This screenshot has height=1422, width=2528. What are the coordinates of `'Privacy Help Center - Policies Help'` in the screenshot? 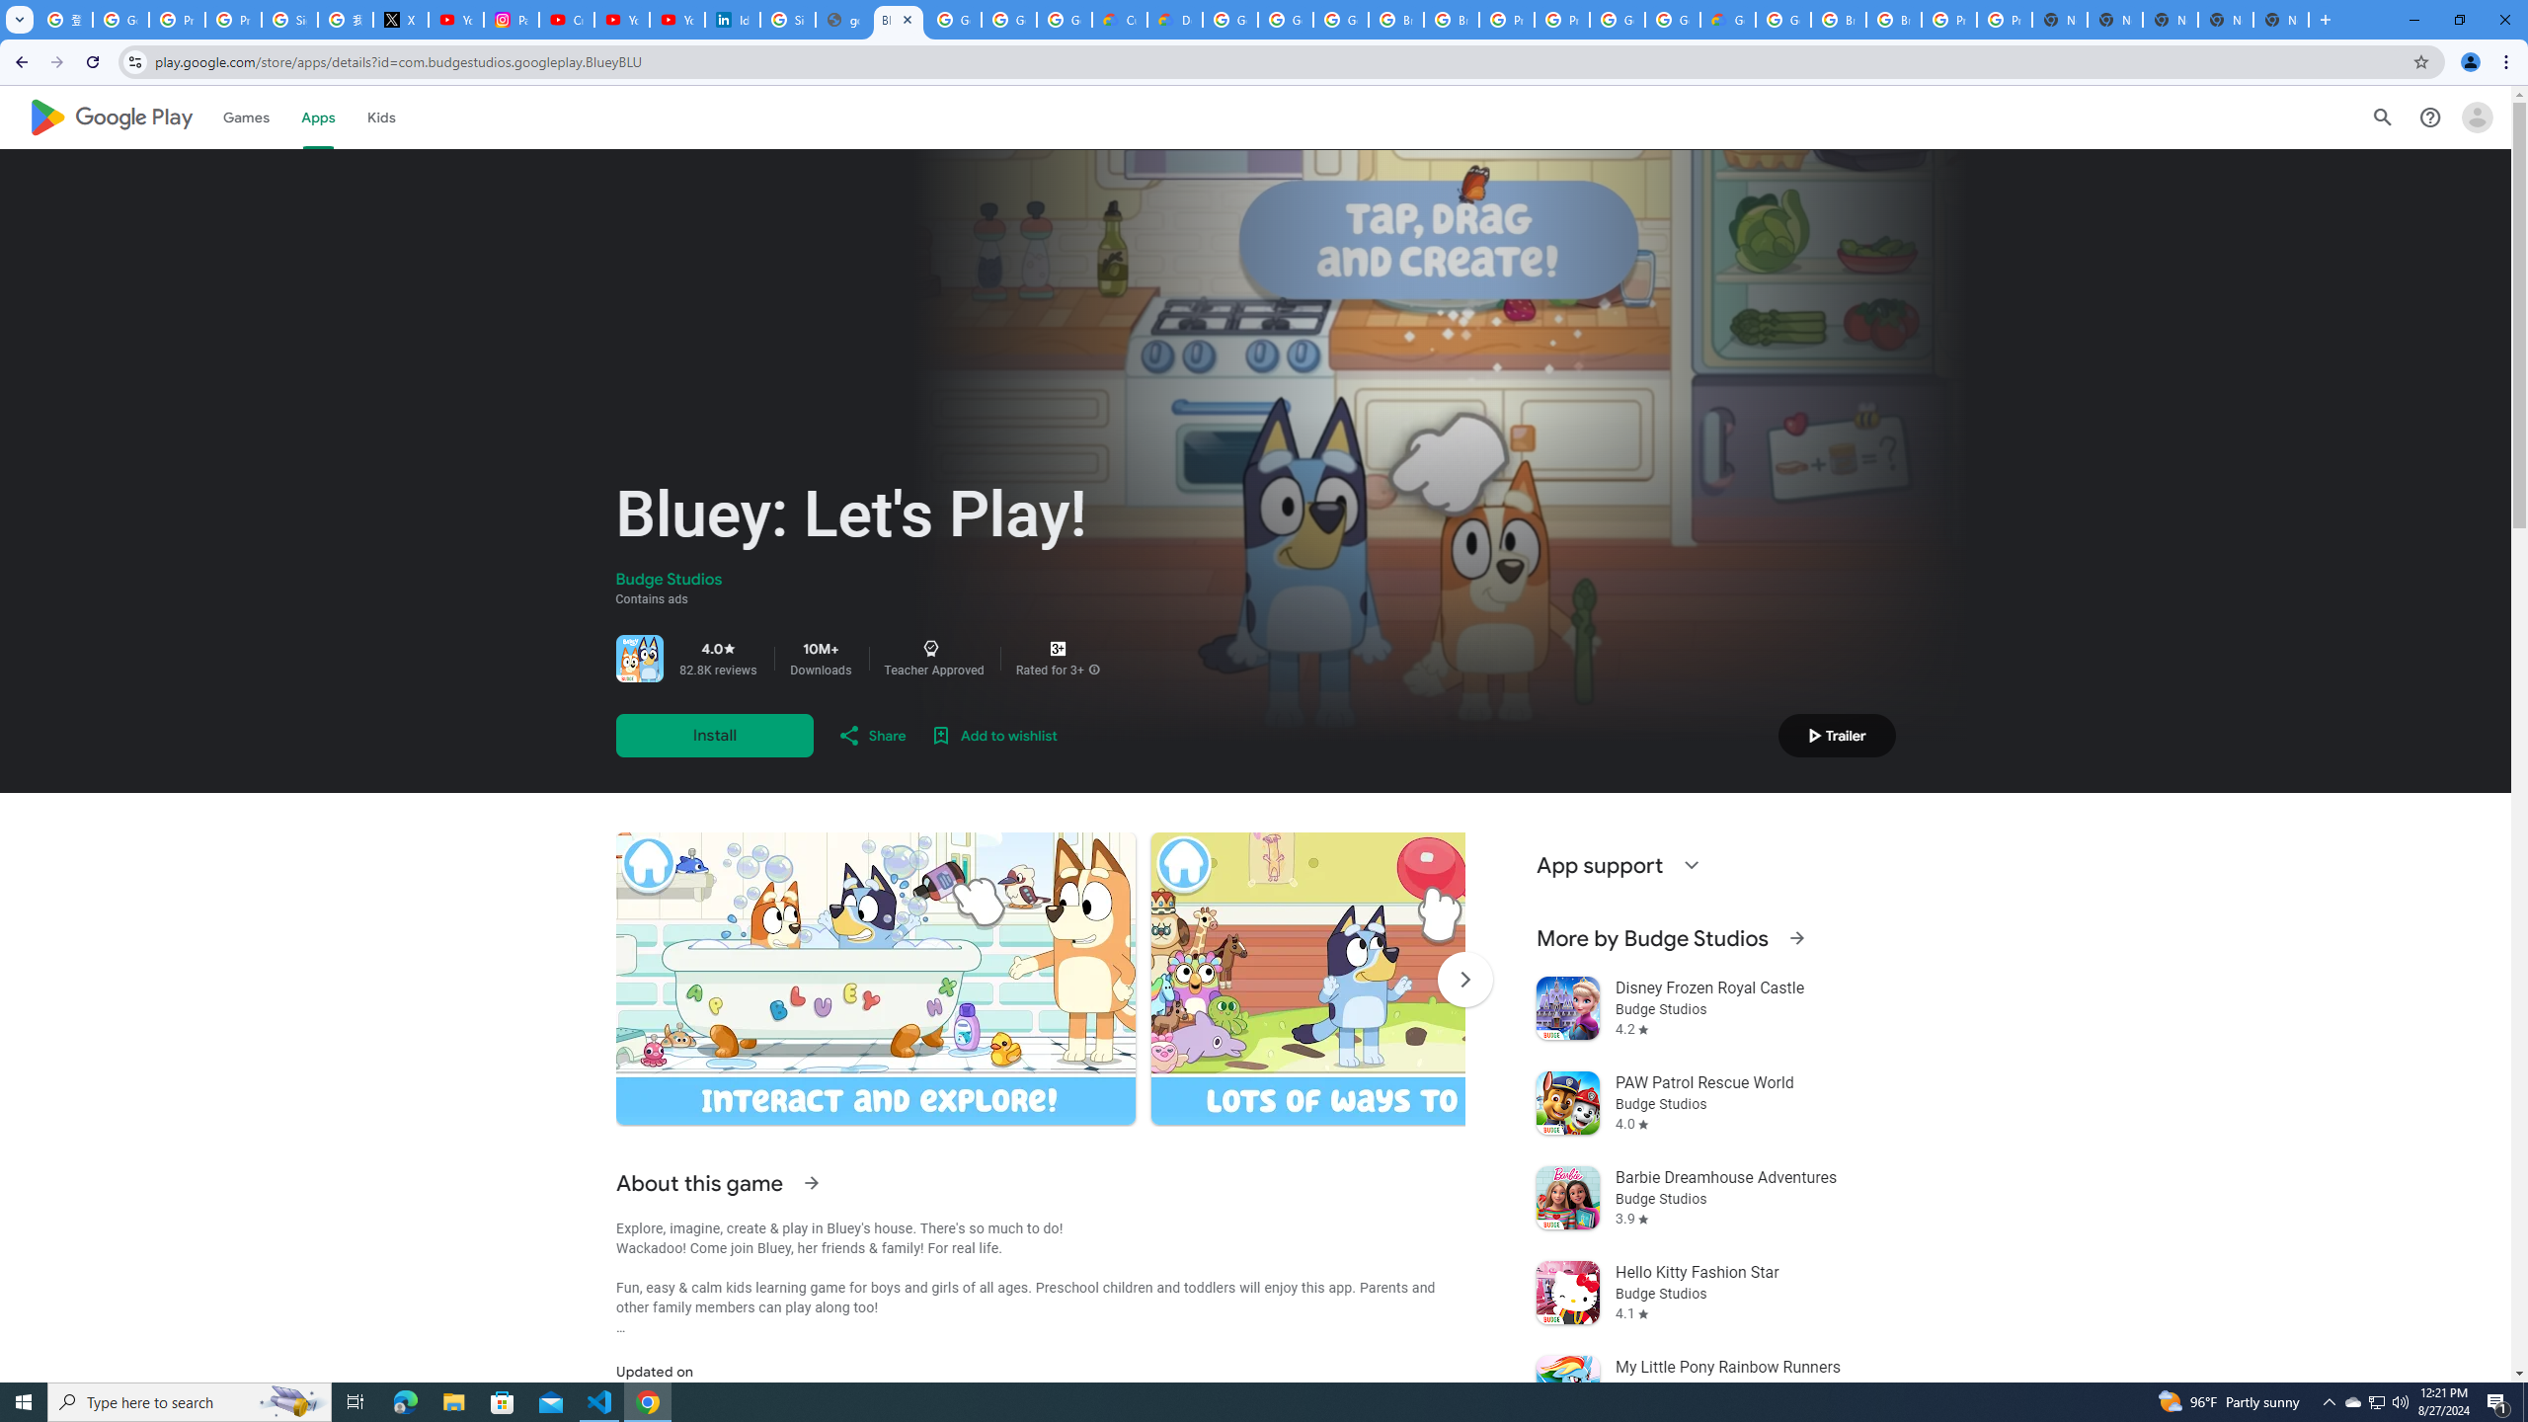 It's located at (233, 19).